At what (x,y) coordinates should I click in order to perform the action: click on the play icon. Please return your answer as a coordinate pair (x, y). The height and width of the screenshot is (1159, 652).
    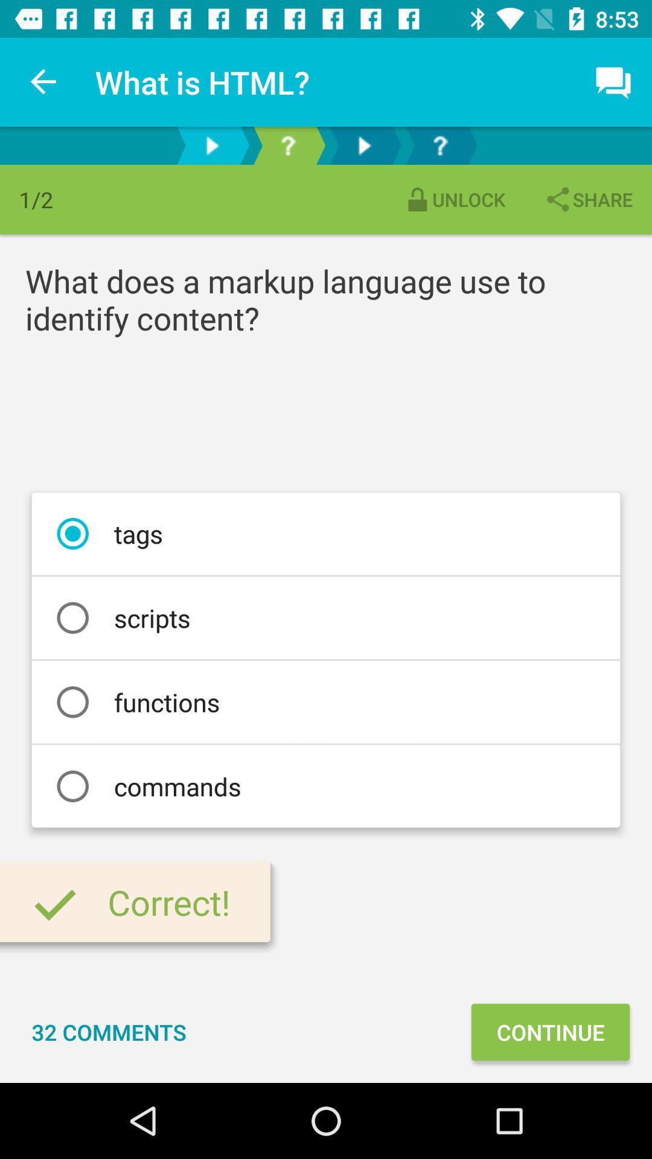
    Looking at the image, I should click on (211, 145).